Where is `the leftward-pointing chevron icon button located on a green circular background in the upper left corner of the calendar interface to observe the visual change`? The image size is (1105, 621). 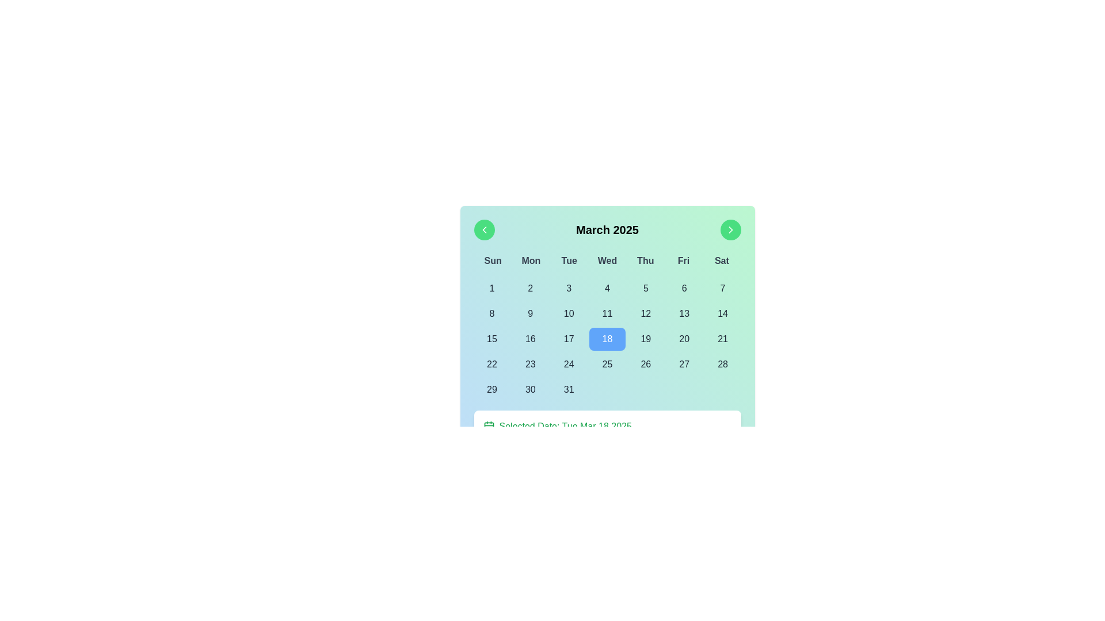 the leftward-pointing chevron icon button located on a green circular background in the upper left corner of the calendar interface to observe the visual change is located at coordinates (484, 230).